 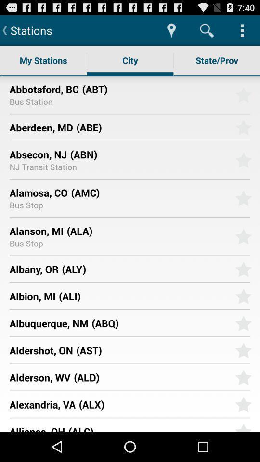 What do you see at coordinates (160, 323) in the screenshot?
I see `the item to the right of albuquerque, nm item` at bounding box center [160, 323].